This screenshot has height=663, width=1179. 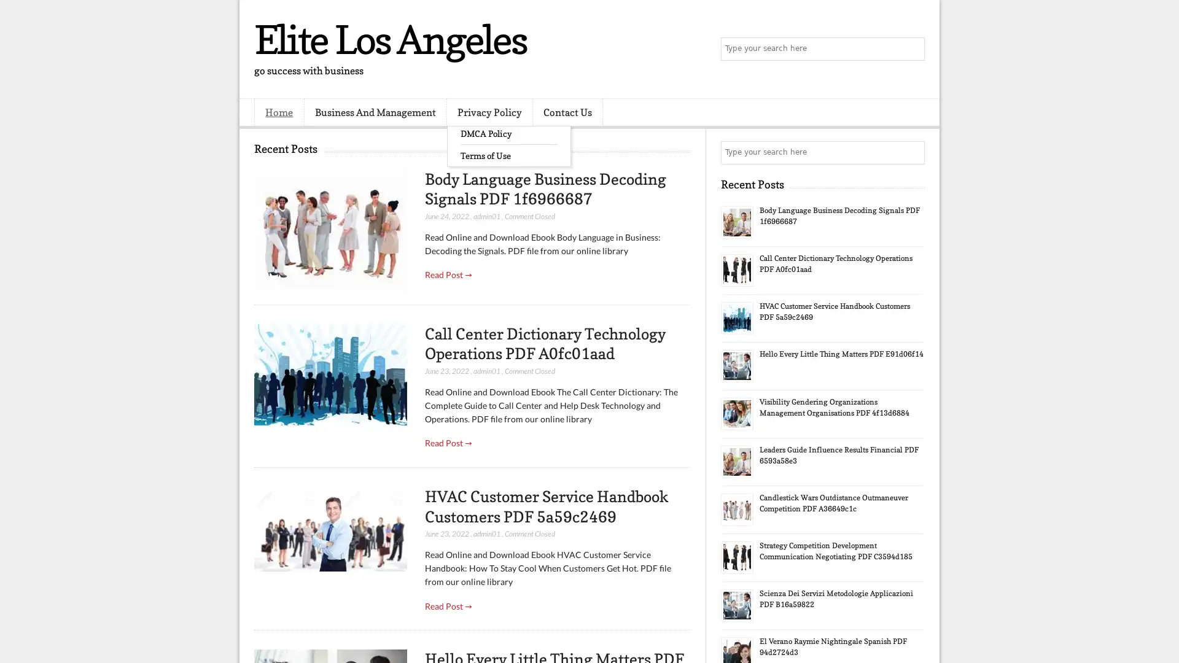 I want to click on Search, so click(x=912, y=152).